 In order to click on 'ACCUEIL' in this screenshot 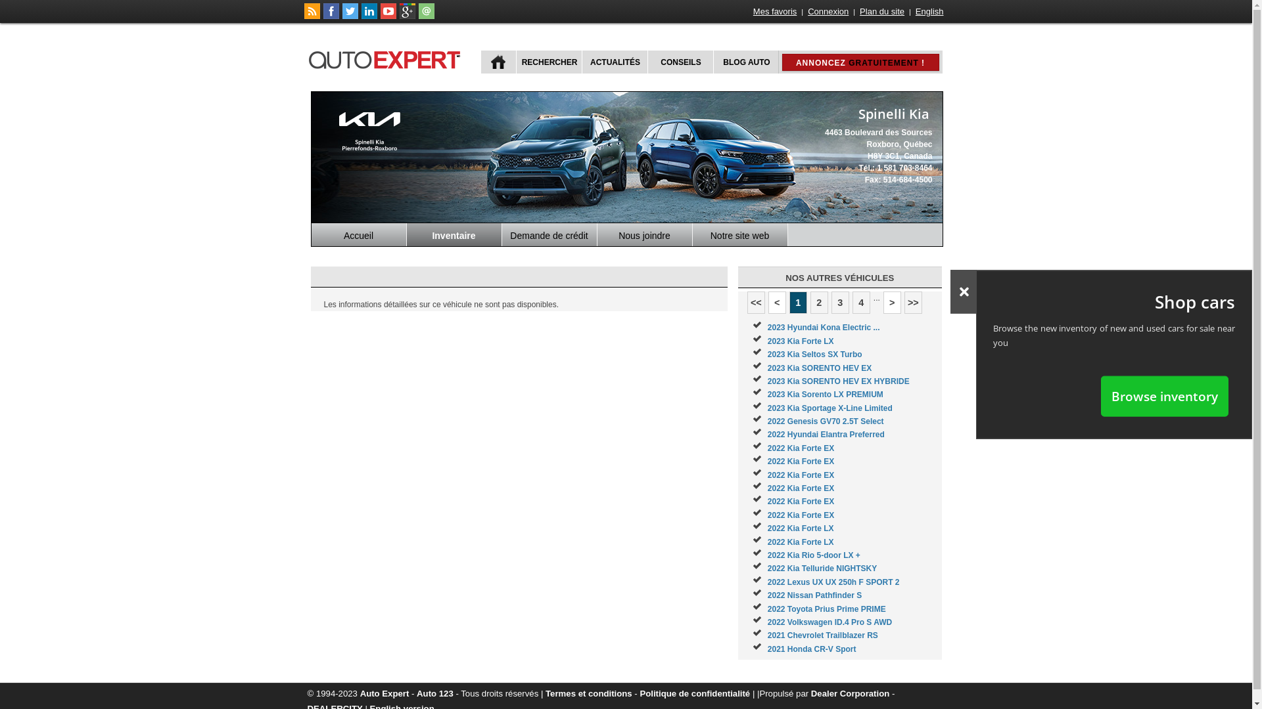, I will do `click(498, 62)`.